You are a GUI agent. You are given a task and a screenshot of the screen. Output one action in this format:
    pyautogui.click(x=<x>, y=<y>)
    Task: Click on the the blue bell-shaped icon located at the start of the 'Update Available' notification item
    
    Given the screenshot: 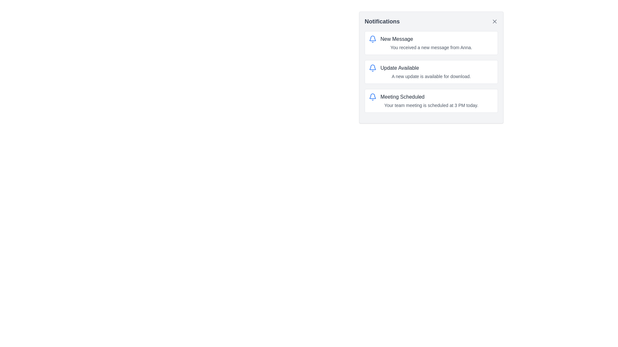 What is the action you would take?
    pyautogui.click(x=372, y=68)
    